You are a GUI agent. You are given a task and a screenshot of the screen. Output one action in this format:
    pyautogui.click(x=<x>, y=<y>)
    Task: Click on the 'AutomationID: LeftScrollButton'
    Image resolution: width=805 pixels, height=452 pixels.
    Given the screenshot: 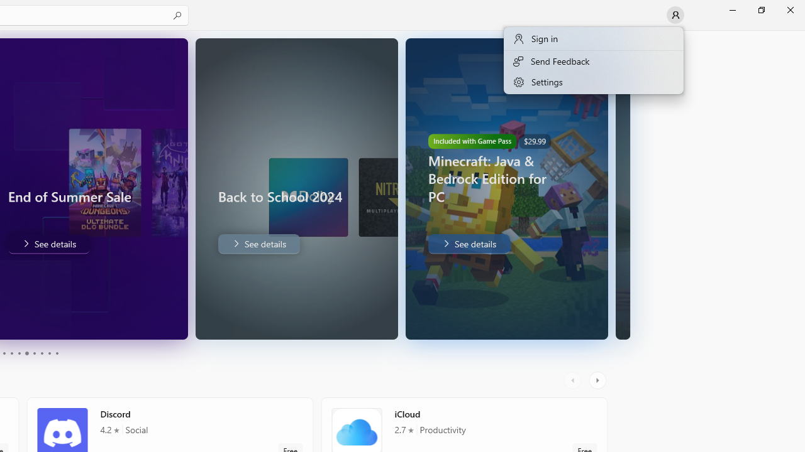 What is the action you would take?
    pyautogui.click(x=574, y=380)
    